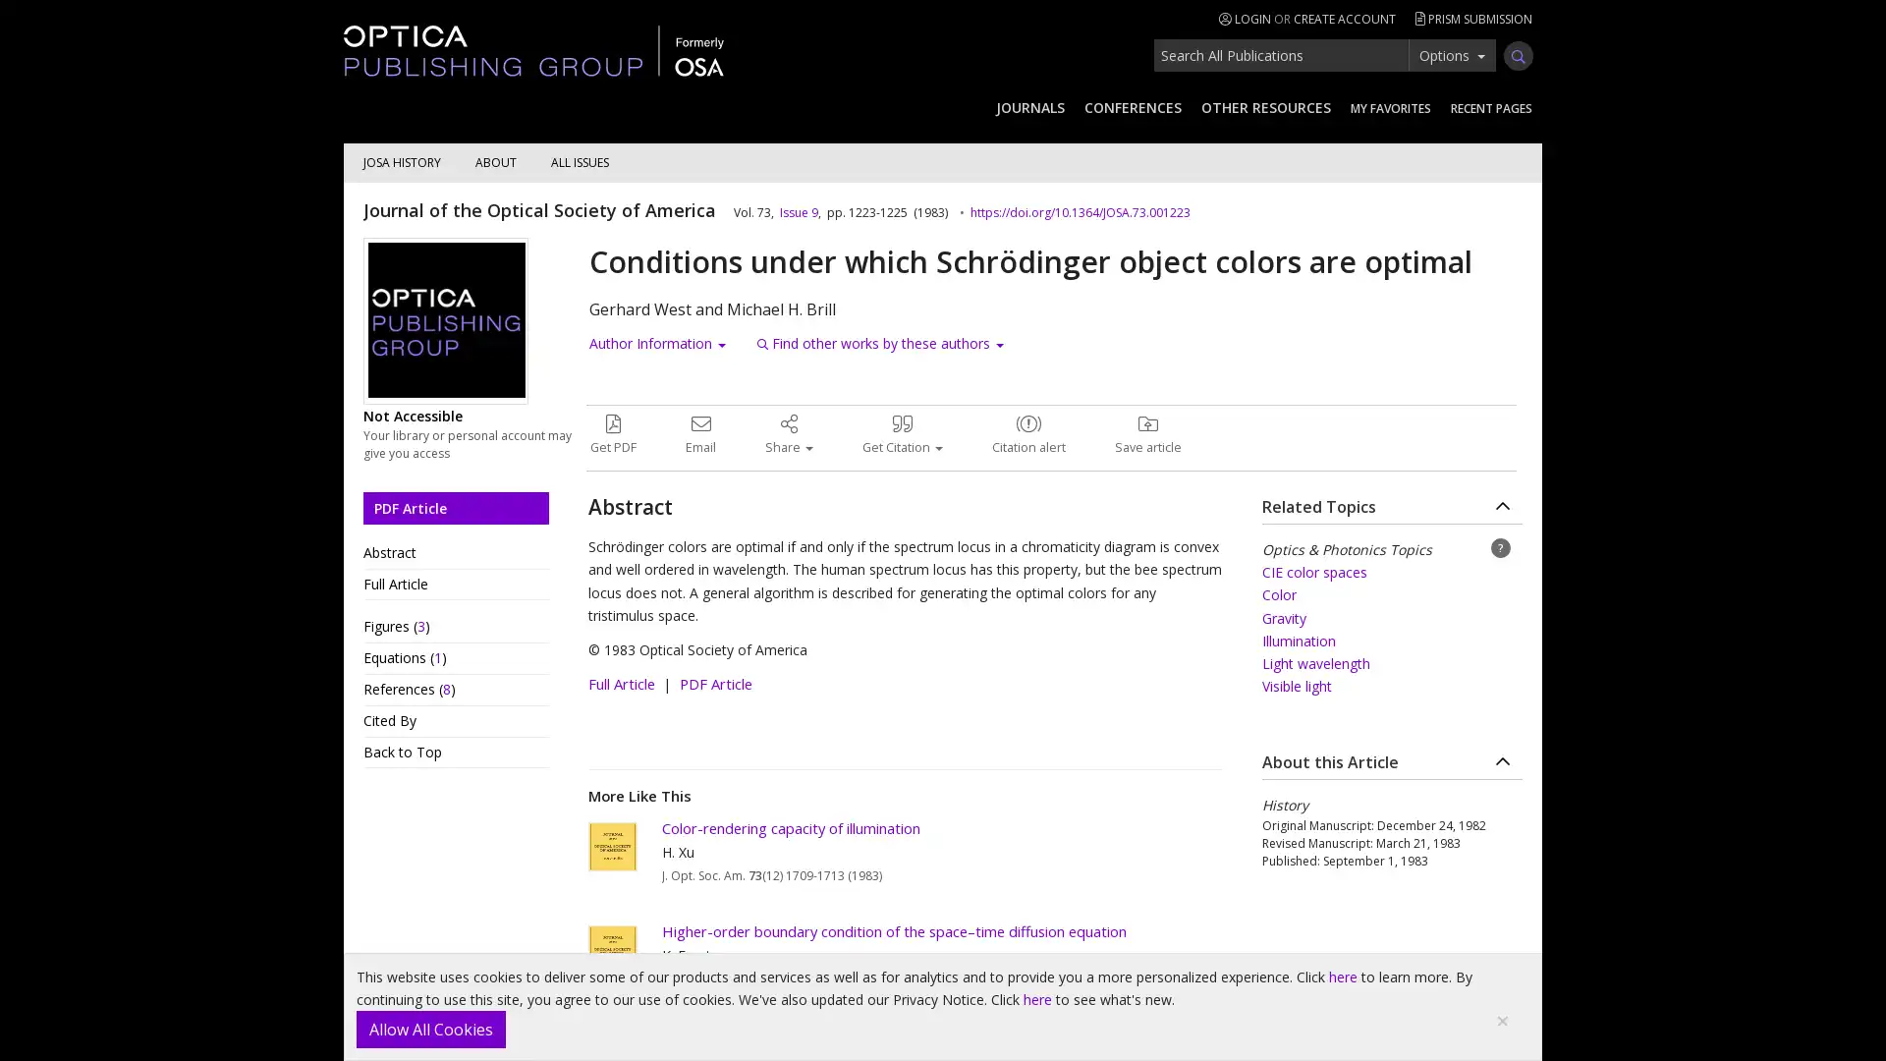  What do you see at coordinates (1452, 54) in the screenshot?
I see `Options` at bounding box center [1452, 54].